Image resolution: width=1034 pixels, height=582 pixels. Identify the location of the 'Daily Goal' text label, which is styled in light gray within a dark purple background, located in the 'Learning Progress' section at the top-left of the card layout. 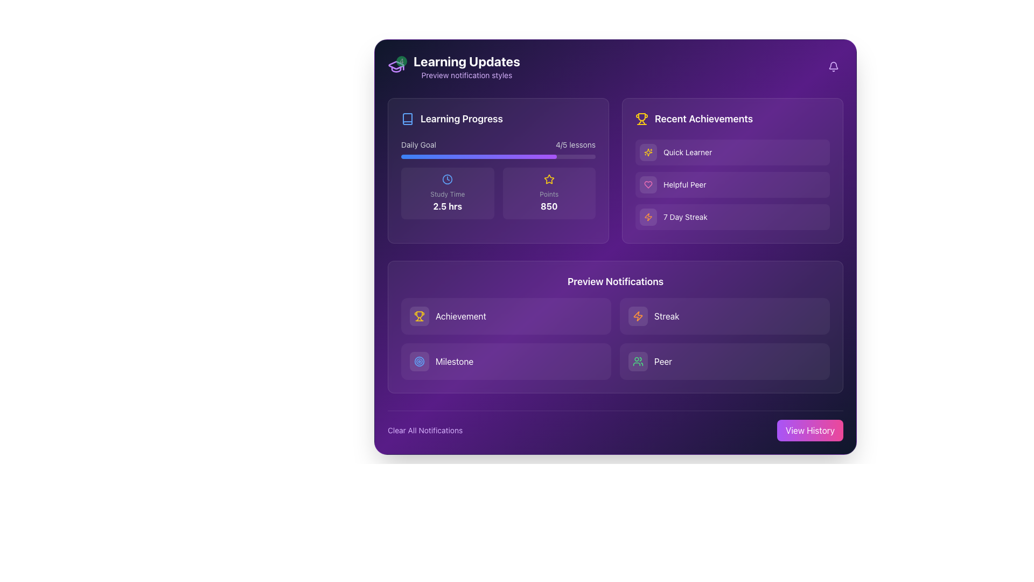
(418, 144).